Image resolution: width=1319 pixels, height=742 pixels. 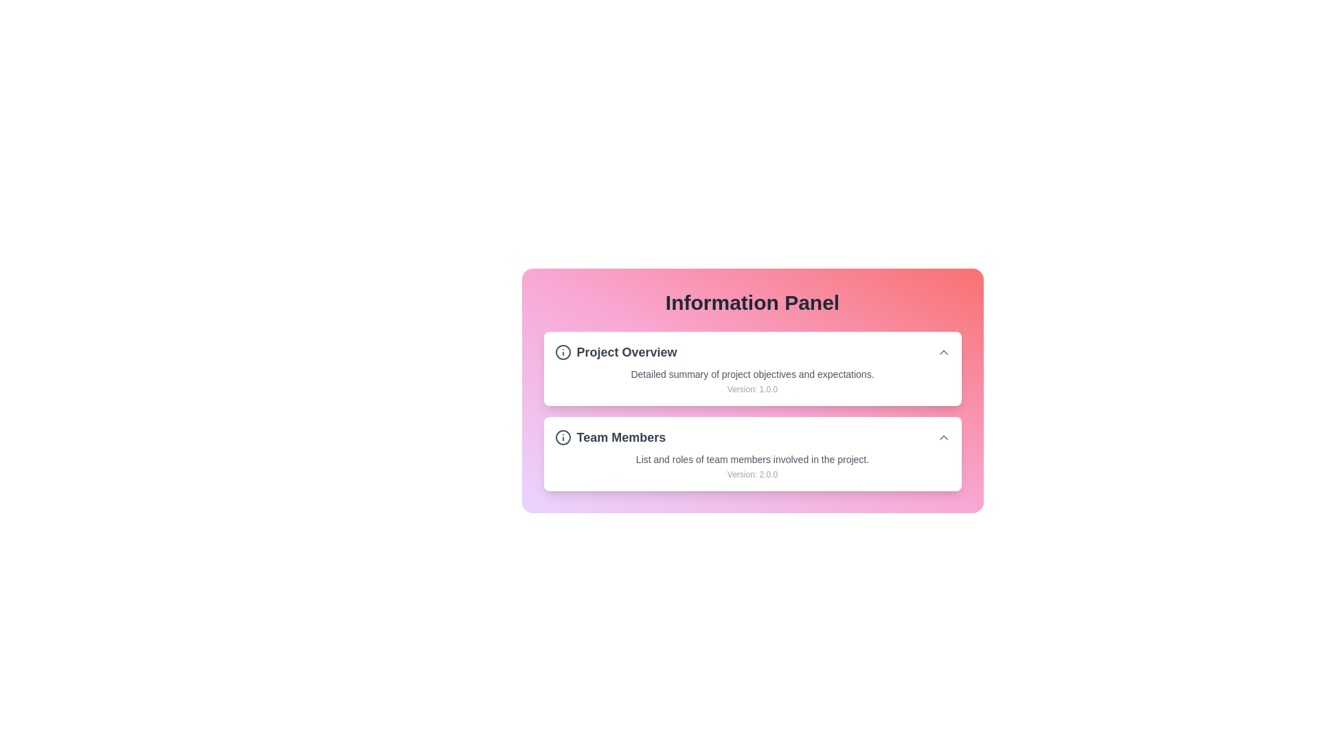 I want to click on the 'Project Overview' text label with an information icon, which is styled in bold dark gray and located at the top of a card-like interface, so click(x=615, y=352).